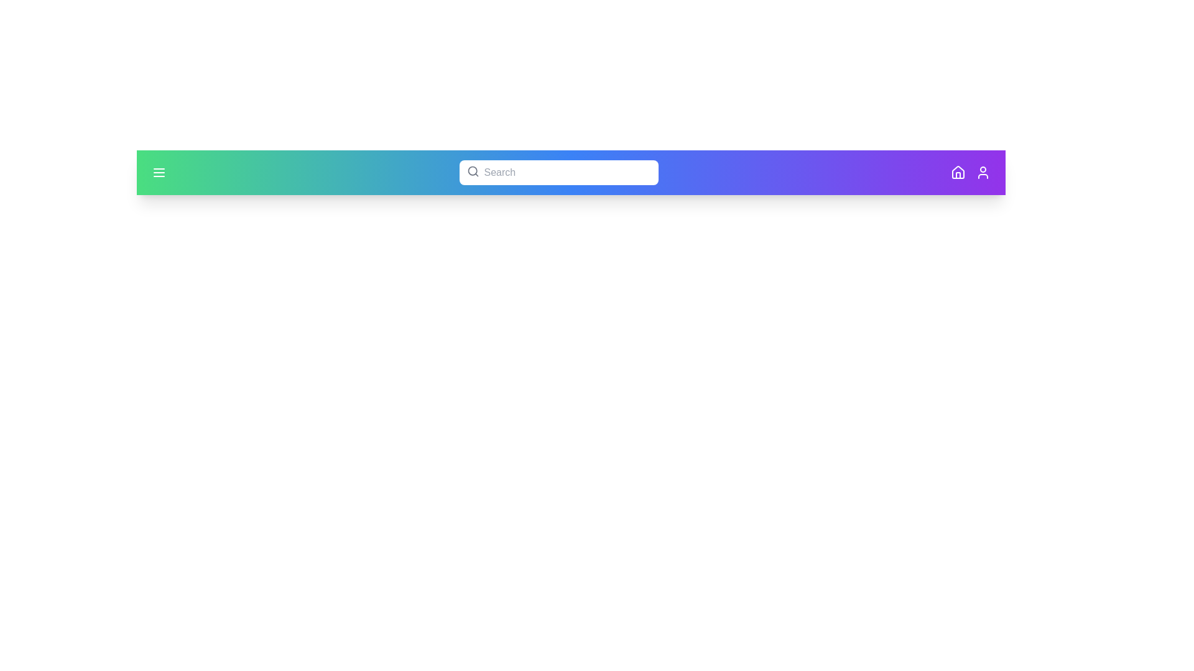  I want to click on the user icon located on the right side of the app bar, so click(982, 172).